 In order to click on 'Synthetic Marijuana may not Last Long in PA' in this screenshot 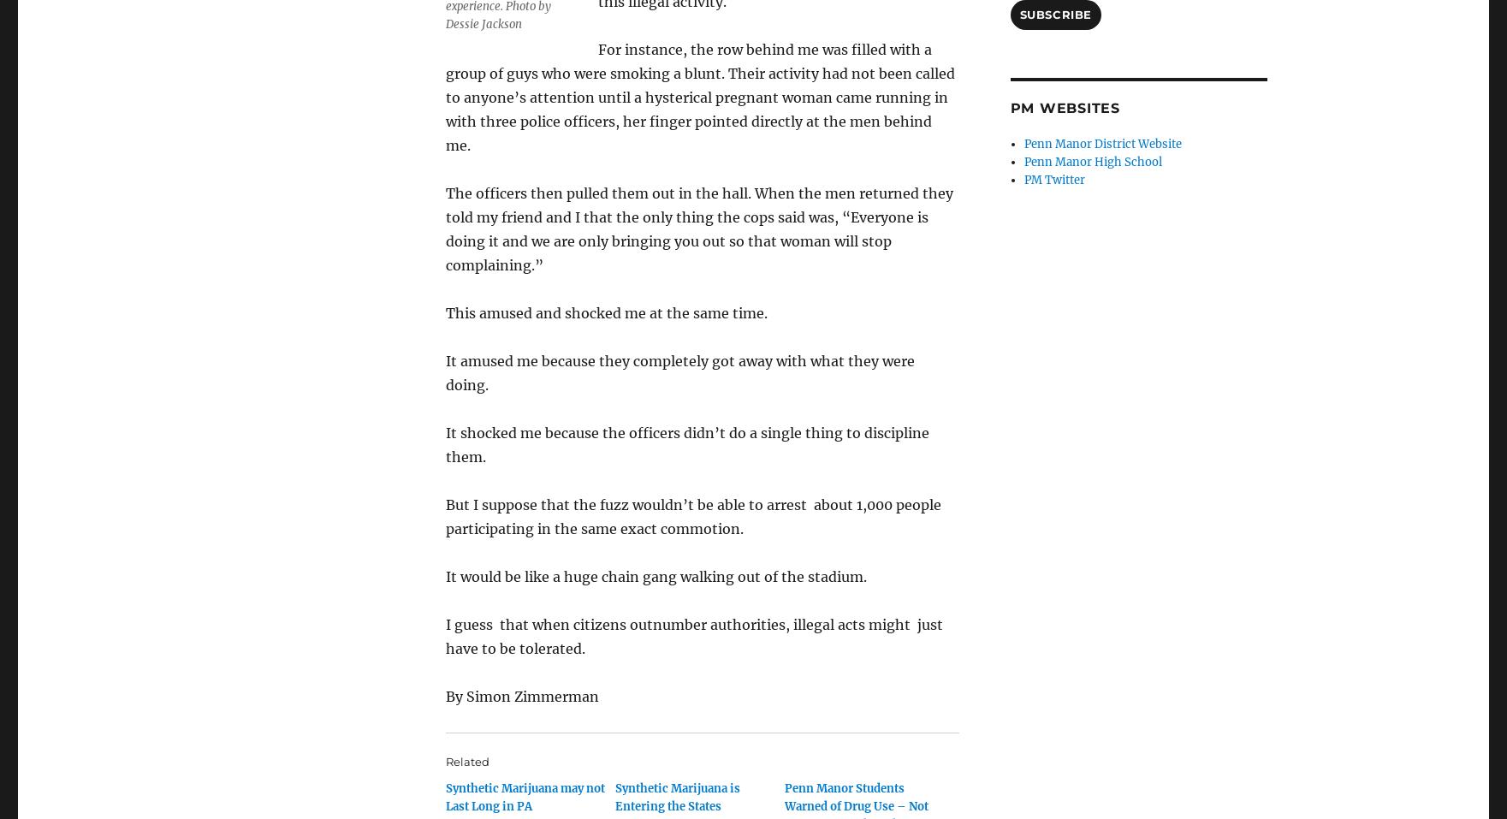, I will do `click(525, 798)`.